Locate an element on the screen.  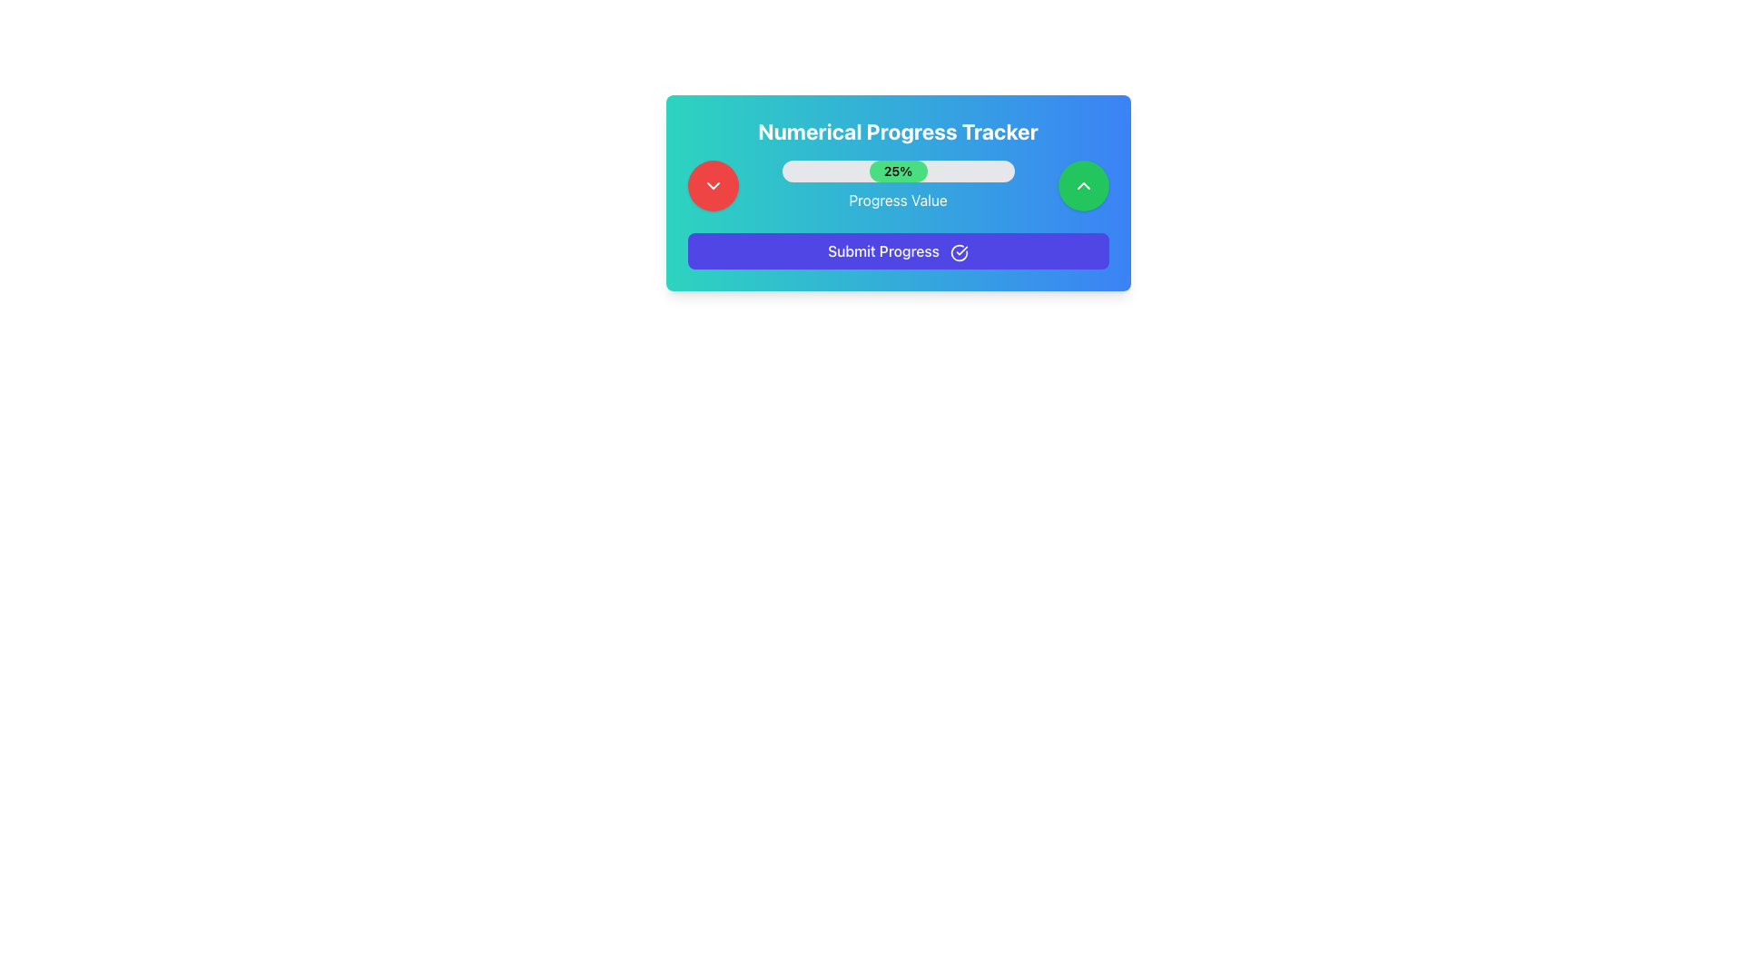
the progress bar labeled 'Progress Value' with a percentage indicator ('25%') to adjust its position is located at coordinates (898, 185).